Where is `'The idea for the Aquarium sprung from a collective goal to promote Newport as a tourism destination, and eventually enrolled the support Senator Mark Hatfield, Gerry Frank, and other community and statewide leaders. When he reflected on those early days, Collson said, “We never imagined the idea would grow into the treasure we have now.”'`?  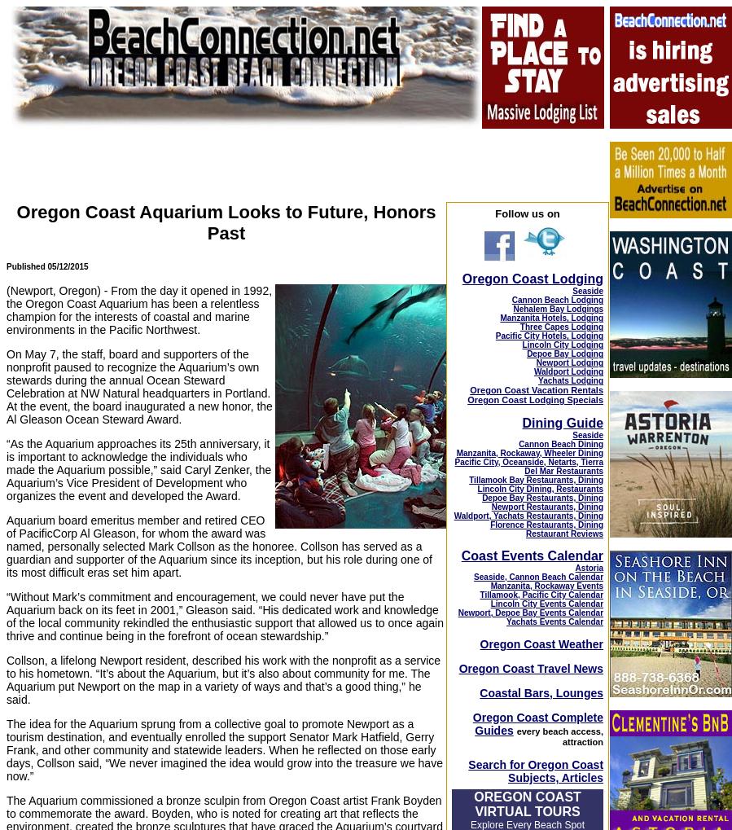
'The idea for the Aquarium sprung from a collective goal to promote Newport as a tourism destination, and eventually enrolled the support Senator Mark Hatfield, Gerry Frank, and other community and statewide leaders. When he reflected on those early days, Collson said, “We never imagined the idea would grow into the treasure we have now.”' is located at coordinates (224, 749).